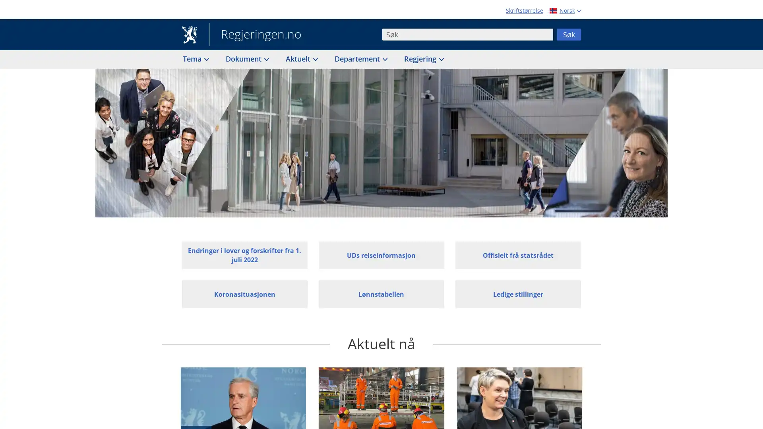  Describe the element at coordinates (568, 33) in the screenshot. I see `Sk` at that location.